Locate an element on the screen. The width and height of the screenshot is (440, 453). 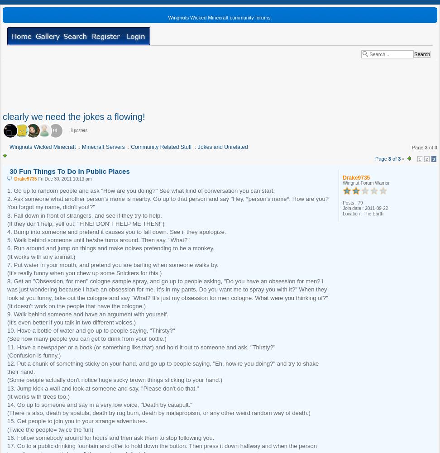
'1.  Go up to random people and ask "How are you doing?" See what kind of conversation you can start.' is located at coordinates (140, 190).